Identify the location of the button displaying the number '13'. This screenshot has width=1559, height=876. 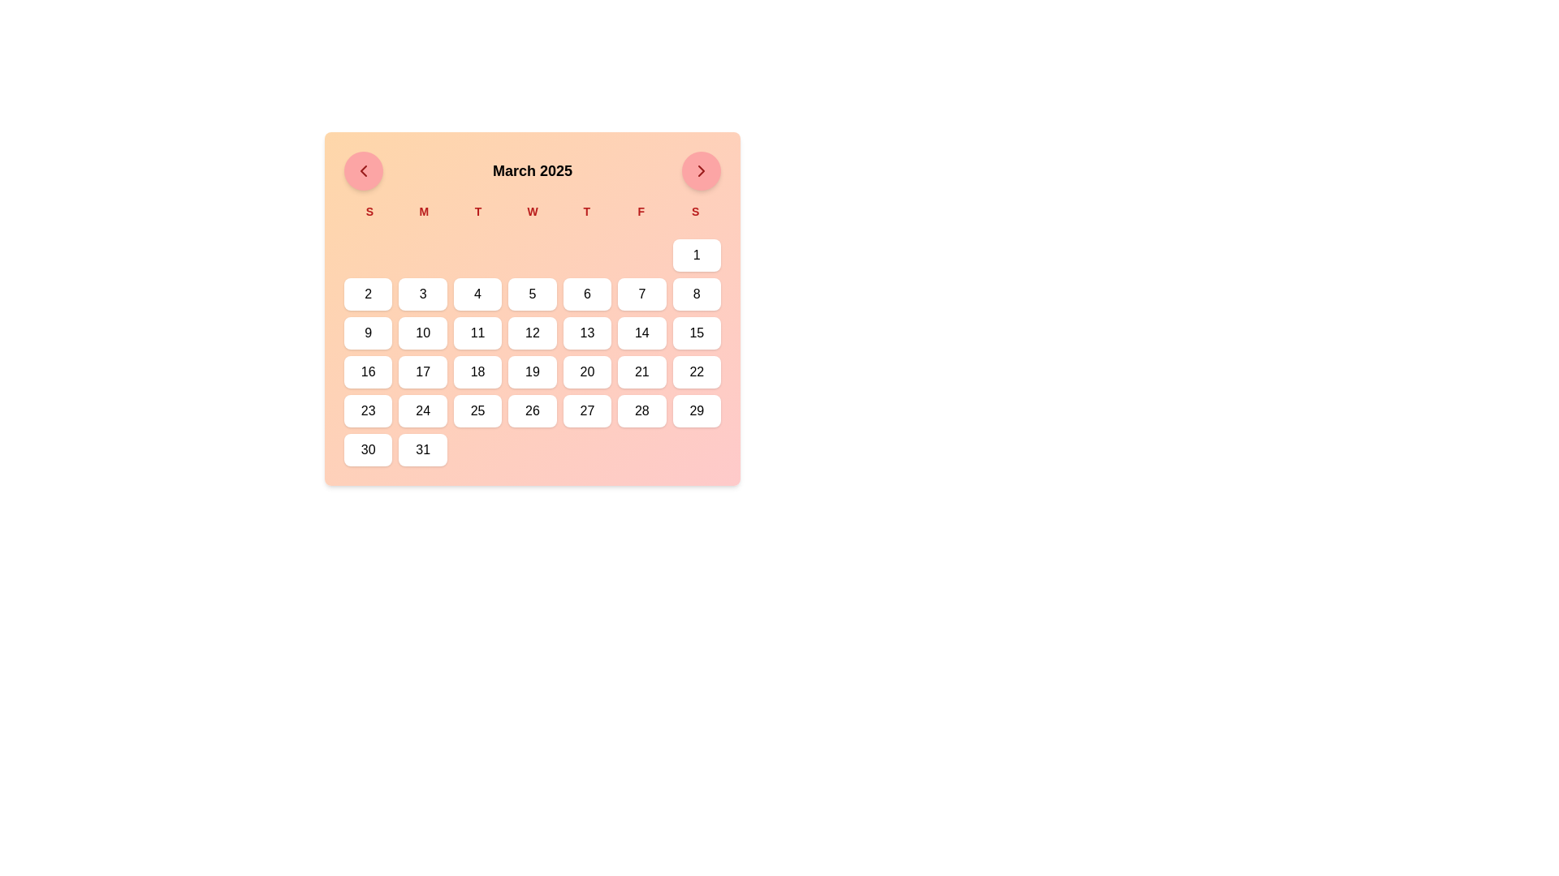
(586, 333).